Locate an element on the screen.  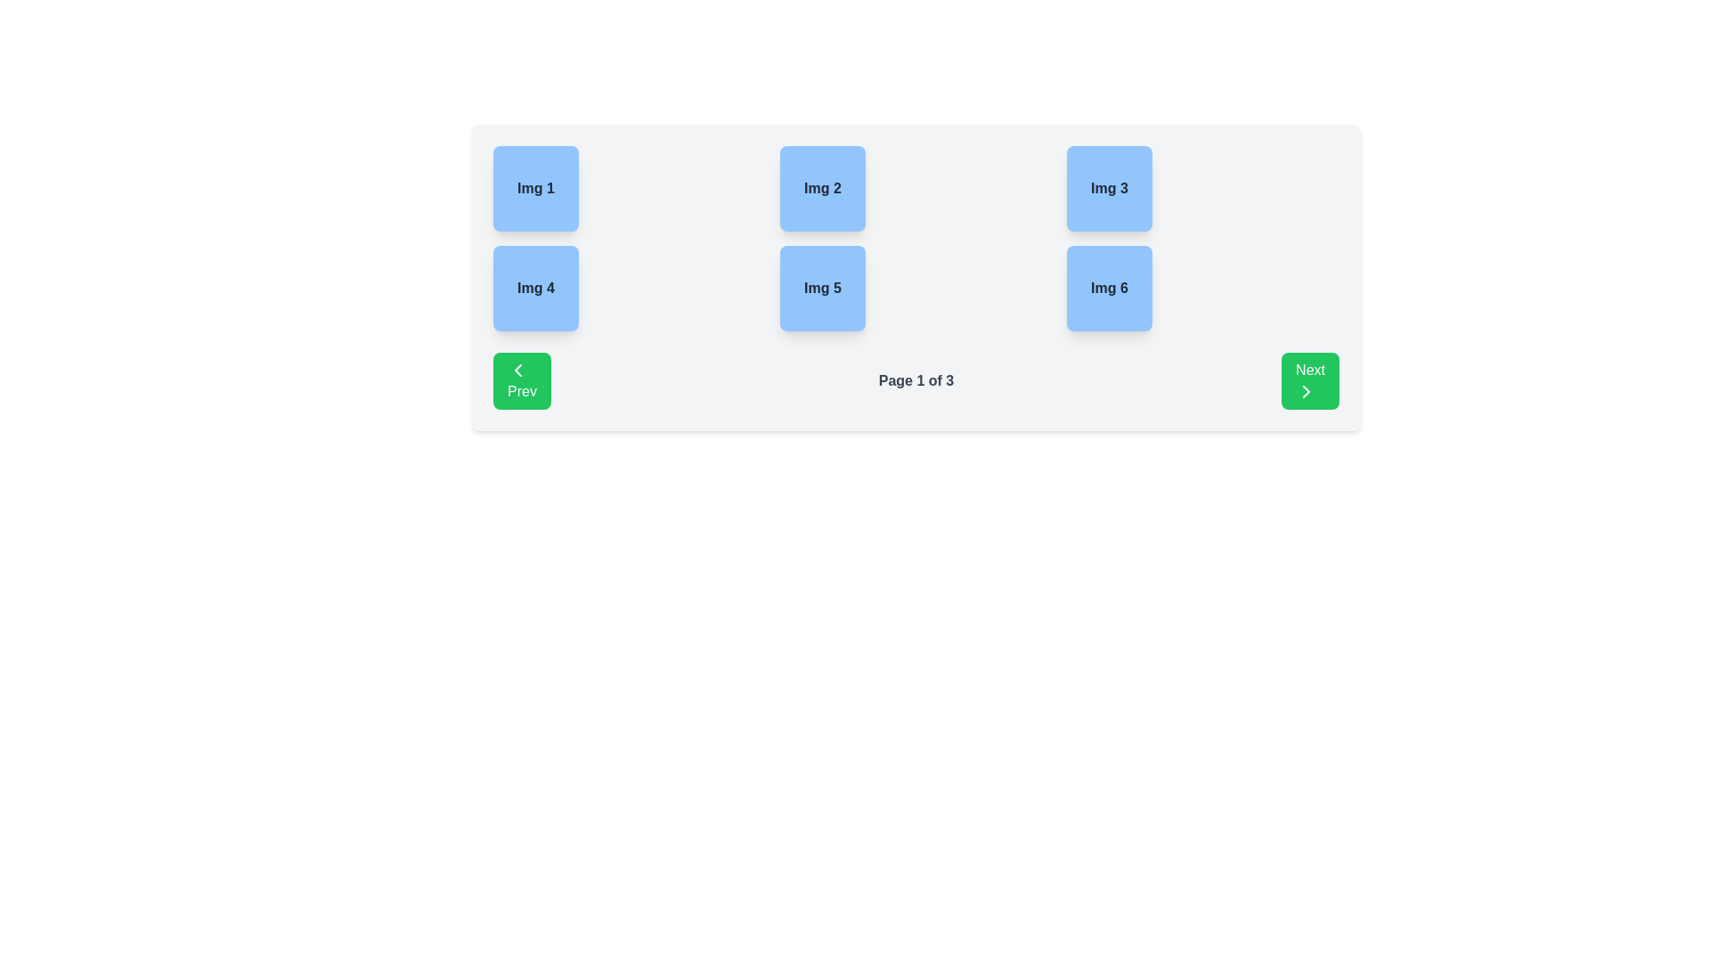
the 'Prev' button icon located in the bottom-left corner of the interface is located at coordinates (517, 370).